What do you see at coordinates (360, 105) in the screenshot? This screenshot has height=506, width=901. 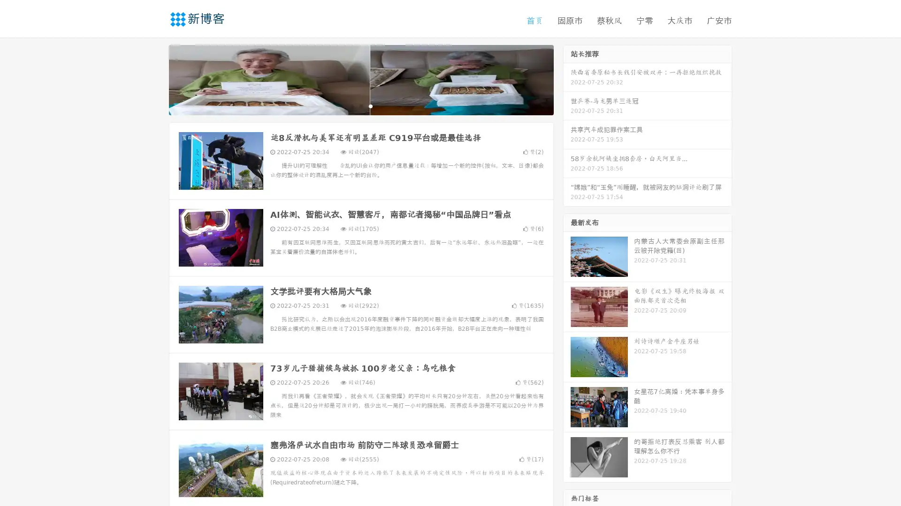 I see `Go to slide 2` at bounding box center [360, 105].